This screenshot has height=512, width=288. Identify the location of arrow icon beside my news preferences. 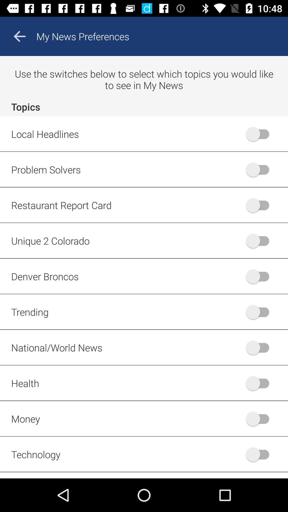
(19, 36).